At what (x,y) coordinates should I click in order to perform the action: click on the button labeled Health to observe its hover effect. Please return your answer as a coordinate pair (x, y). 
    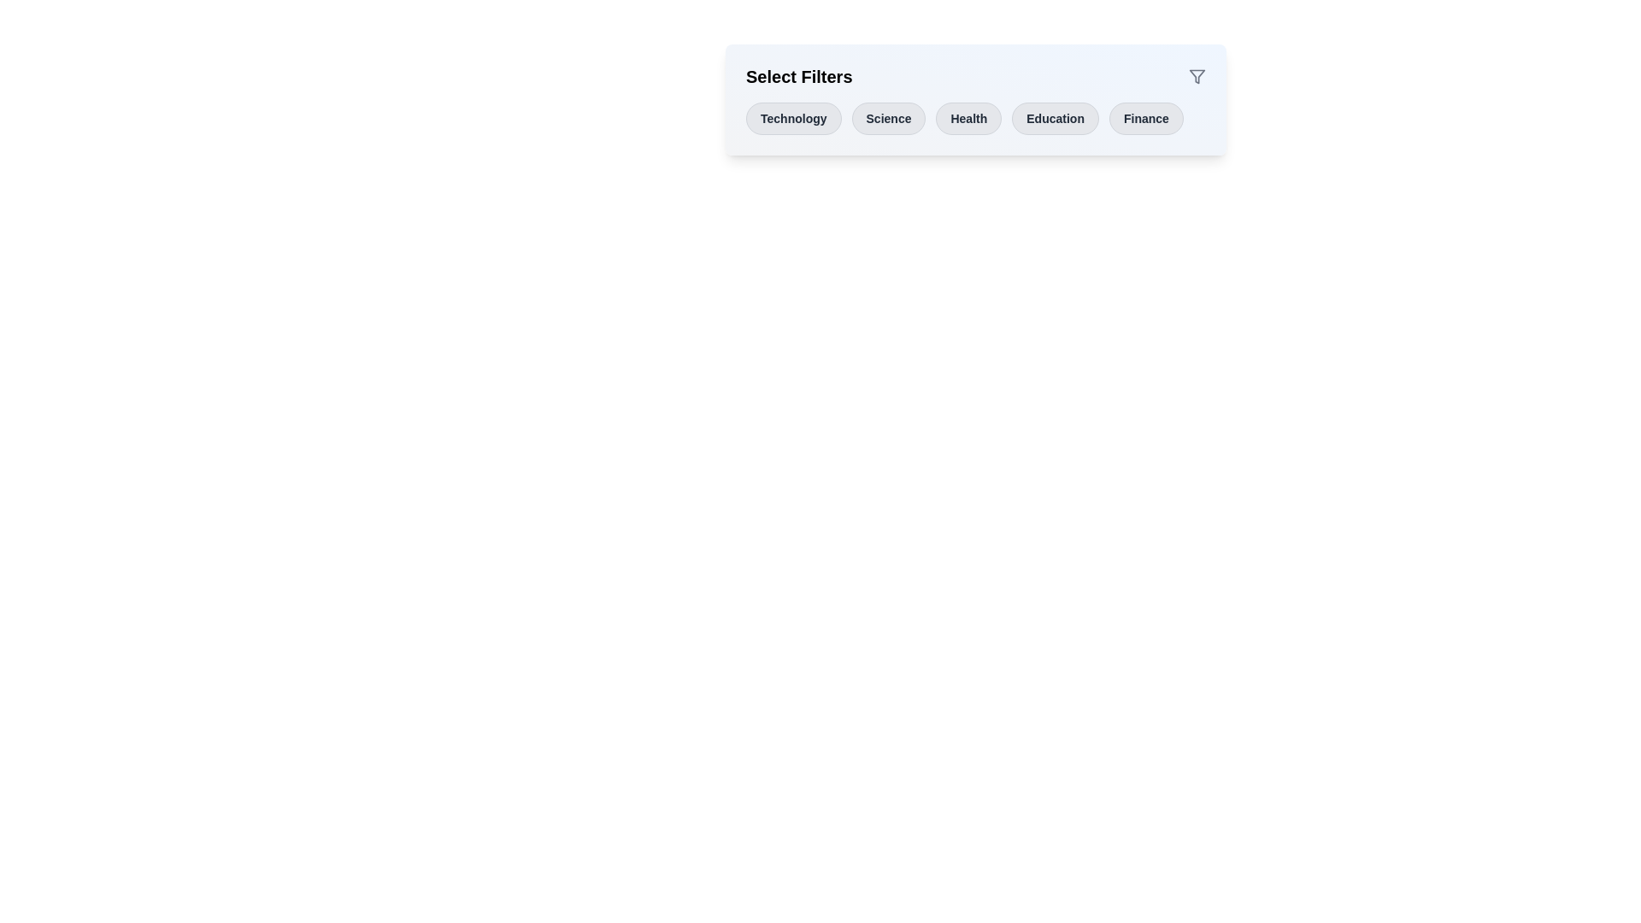
    Looking at the image, I should click on (968, 117).